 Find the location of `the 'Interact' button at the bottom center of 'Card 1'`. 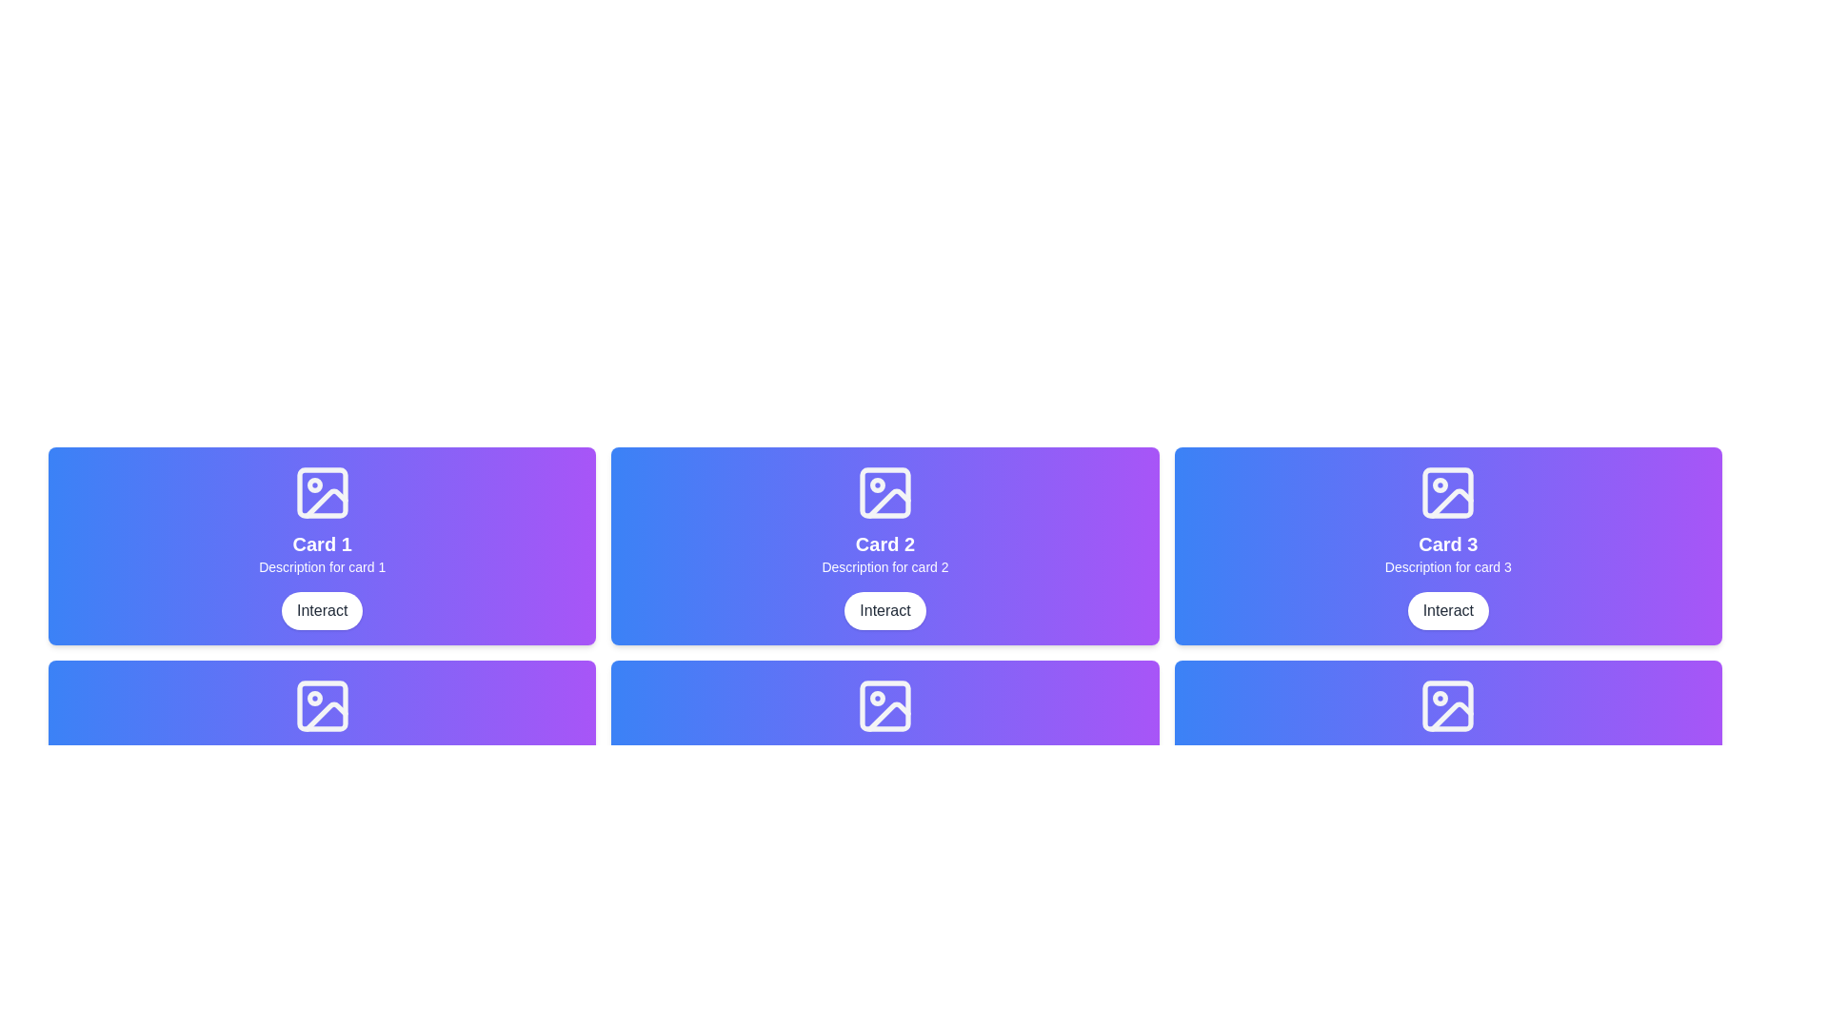

the 'Interact' button at the bottom center of 'Card 1' is located at coordinates (322, 610).